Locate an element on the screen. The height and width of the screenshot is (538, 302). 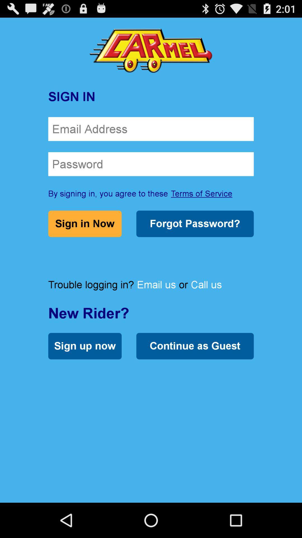
item to the left of or icon is located at coordinates (156, 284).